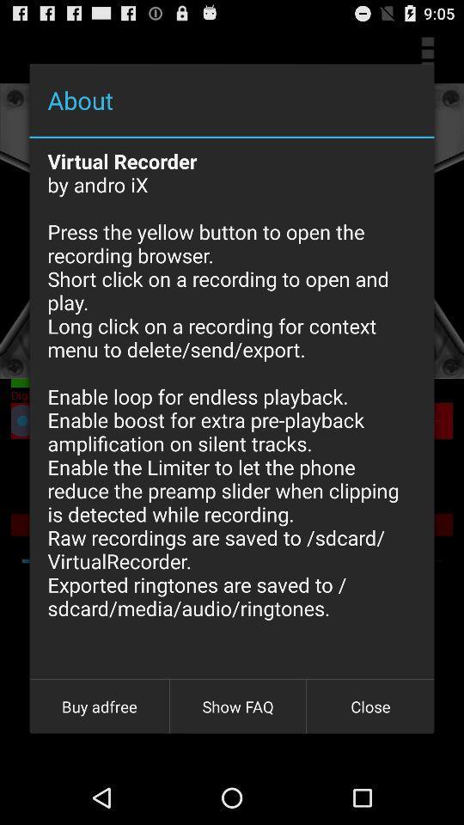 The width and height of the screenshot is (464, 825). Describe the element at coordinates (237, 706) in the screenshot. I see `show faq at the bottom` at that location.